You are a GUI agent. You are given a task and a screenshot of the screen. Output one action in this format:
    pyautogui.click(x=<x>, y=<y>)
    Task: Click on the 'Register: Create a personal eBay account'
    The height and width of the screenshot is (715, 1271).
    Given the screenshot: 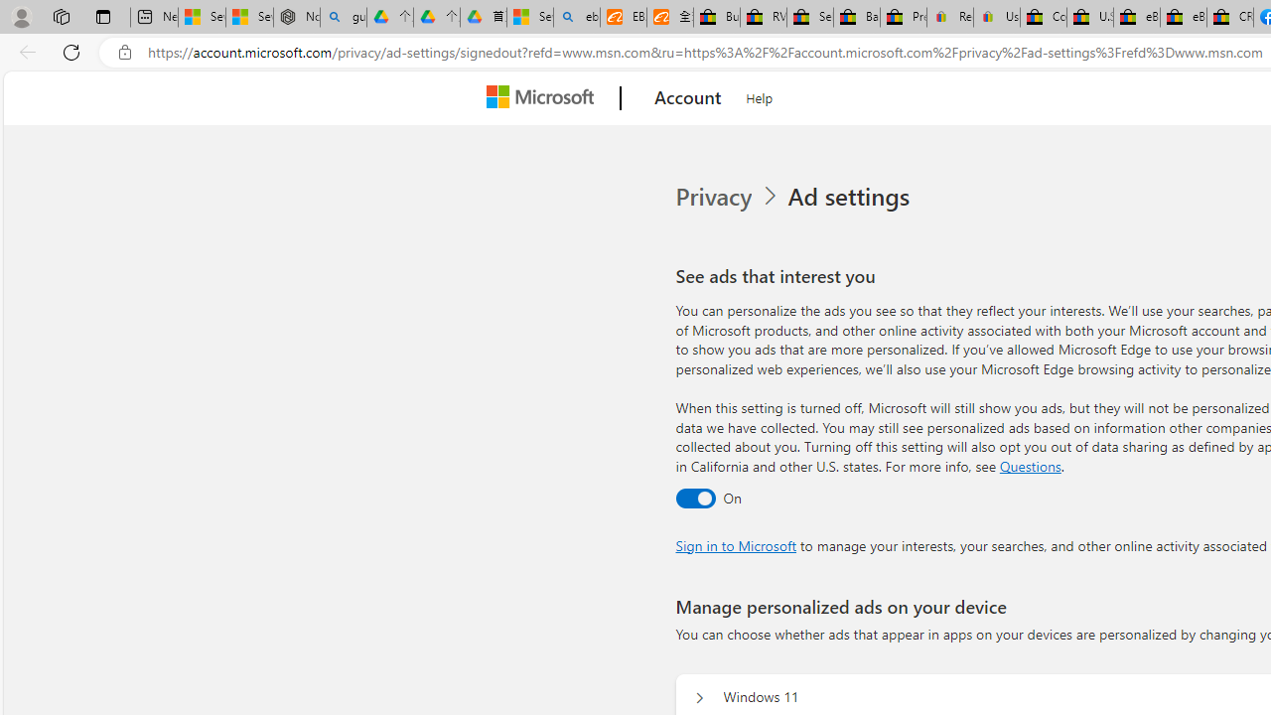 What is the action you would take?
    pyautogui.click(x=949, y=17)
    